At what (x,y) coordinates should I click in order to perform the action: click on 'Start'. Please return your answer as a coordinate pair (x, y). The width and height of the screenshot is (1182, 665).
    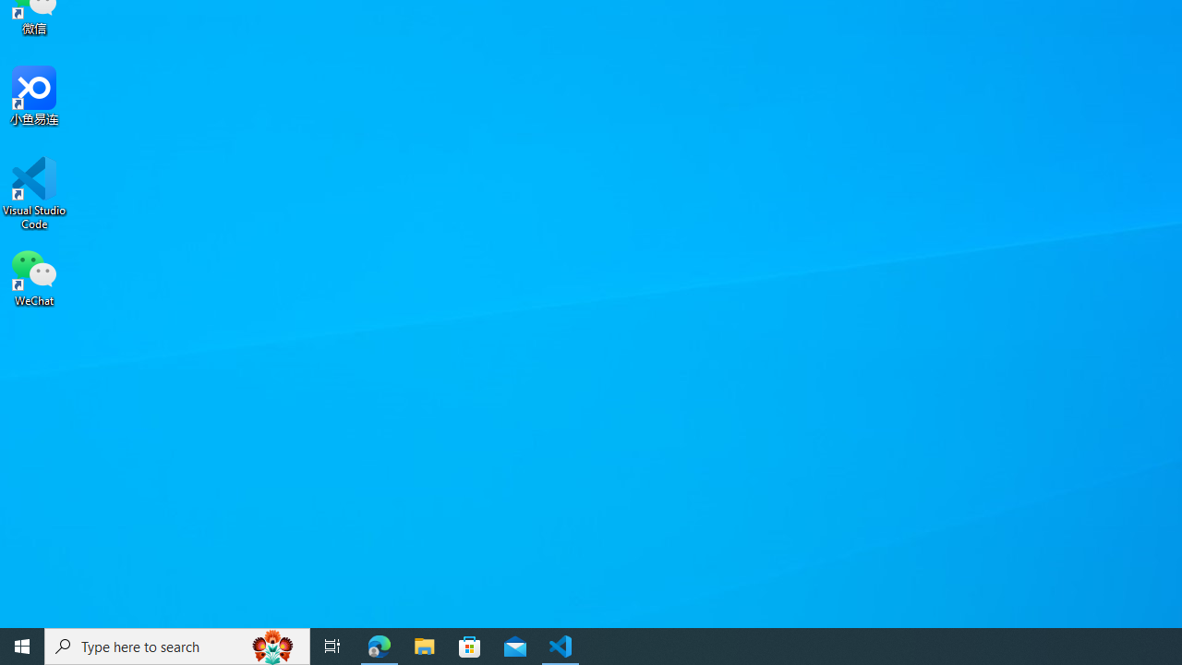
    Looking at the image, I should click on (22, 645).